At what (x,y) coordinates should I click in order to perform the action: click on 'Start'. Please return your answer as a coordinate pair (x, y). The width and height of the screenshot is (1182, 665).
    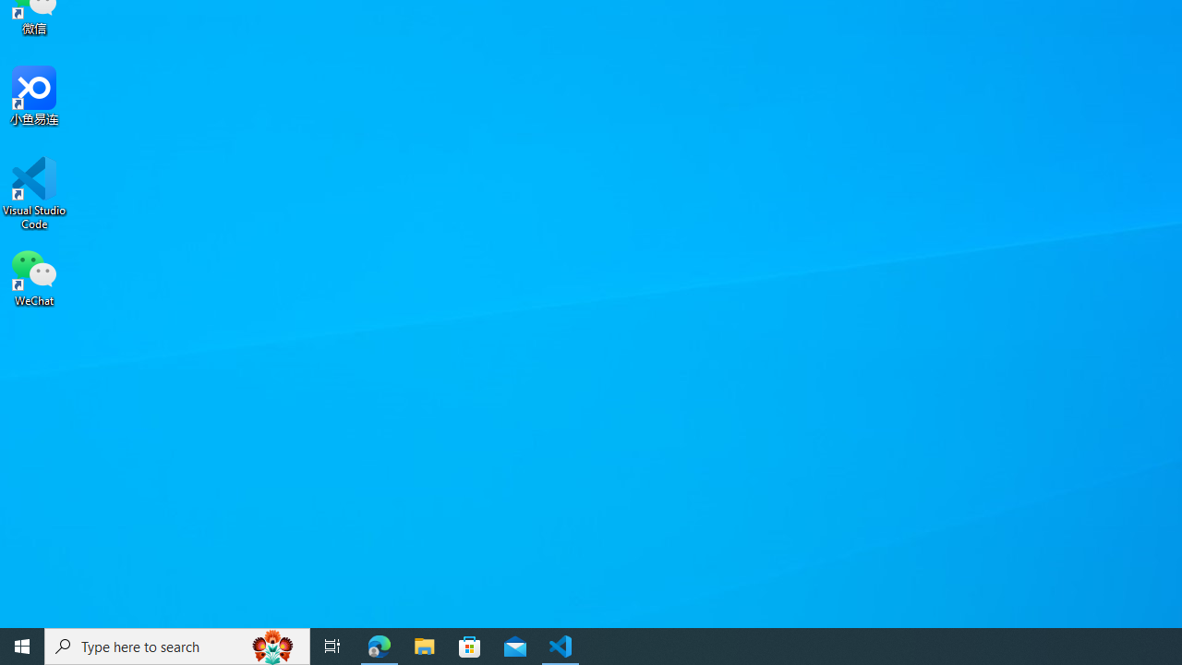
    Looking at the image, I should click on (22, 645).